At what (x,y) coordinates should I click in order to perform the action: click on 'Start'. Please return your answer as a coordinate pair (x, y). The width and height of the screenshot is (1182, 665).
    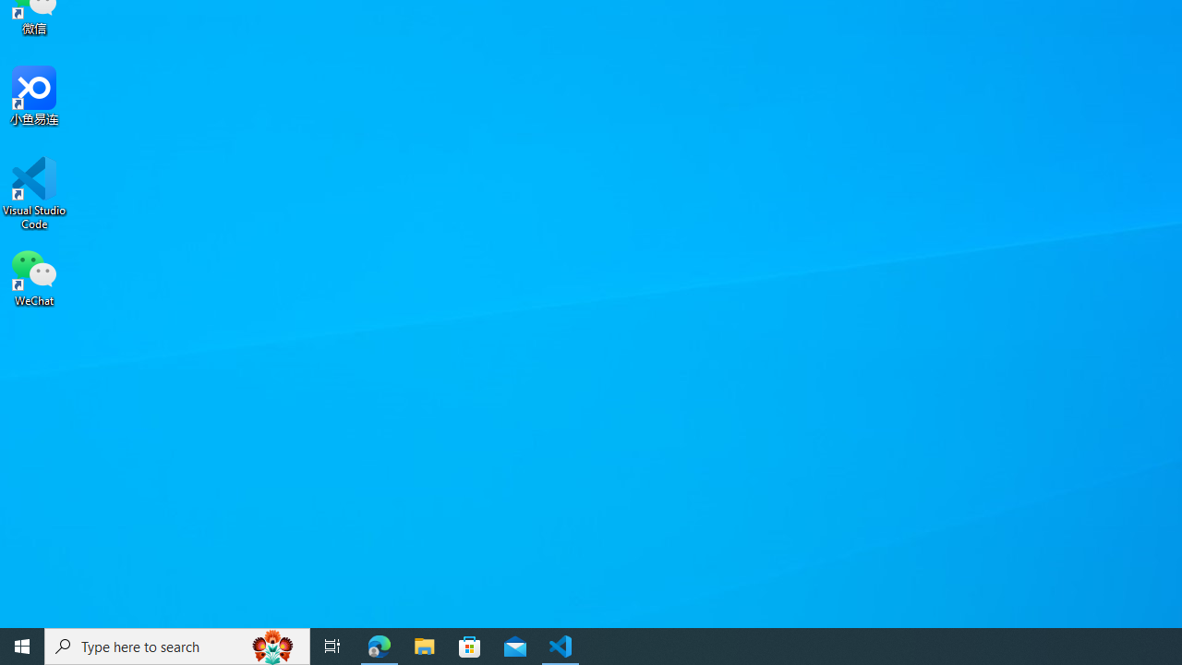
    Looking at the image, I should click on (22, 645).